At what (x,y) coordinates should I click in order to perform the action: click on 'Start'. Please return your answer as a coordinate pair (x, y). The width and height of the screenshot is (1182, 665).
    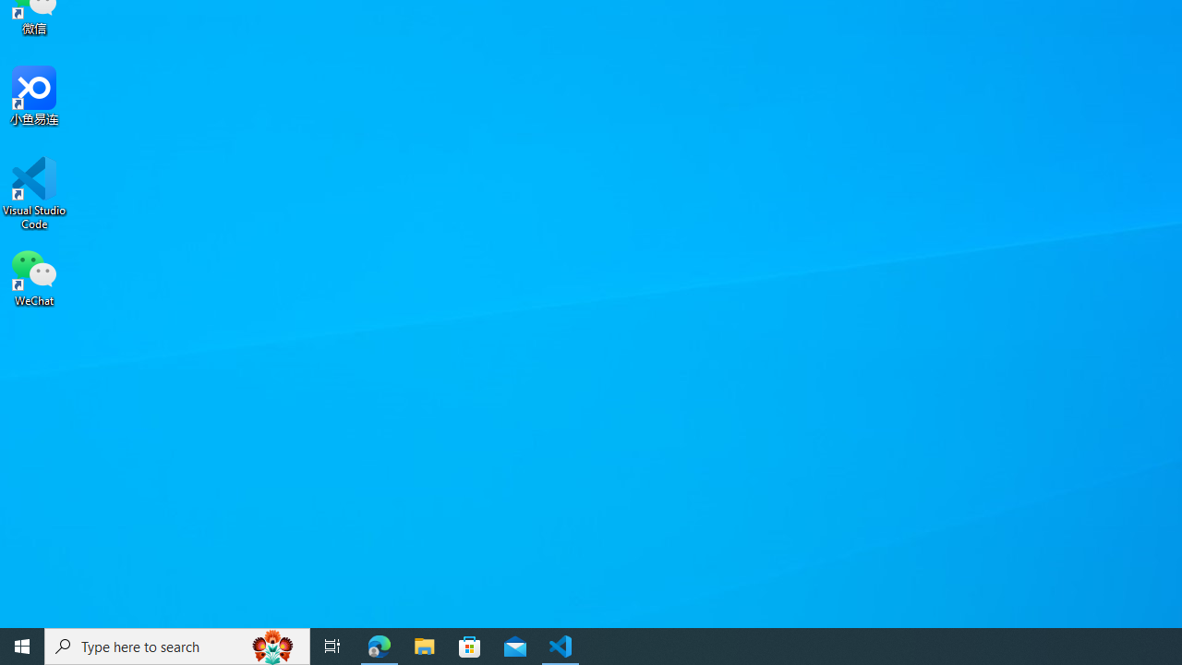
    Looking at the image, I should click on (22, 645).